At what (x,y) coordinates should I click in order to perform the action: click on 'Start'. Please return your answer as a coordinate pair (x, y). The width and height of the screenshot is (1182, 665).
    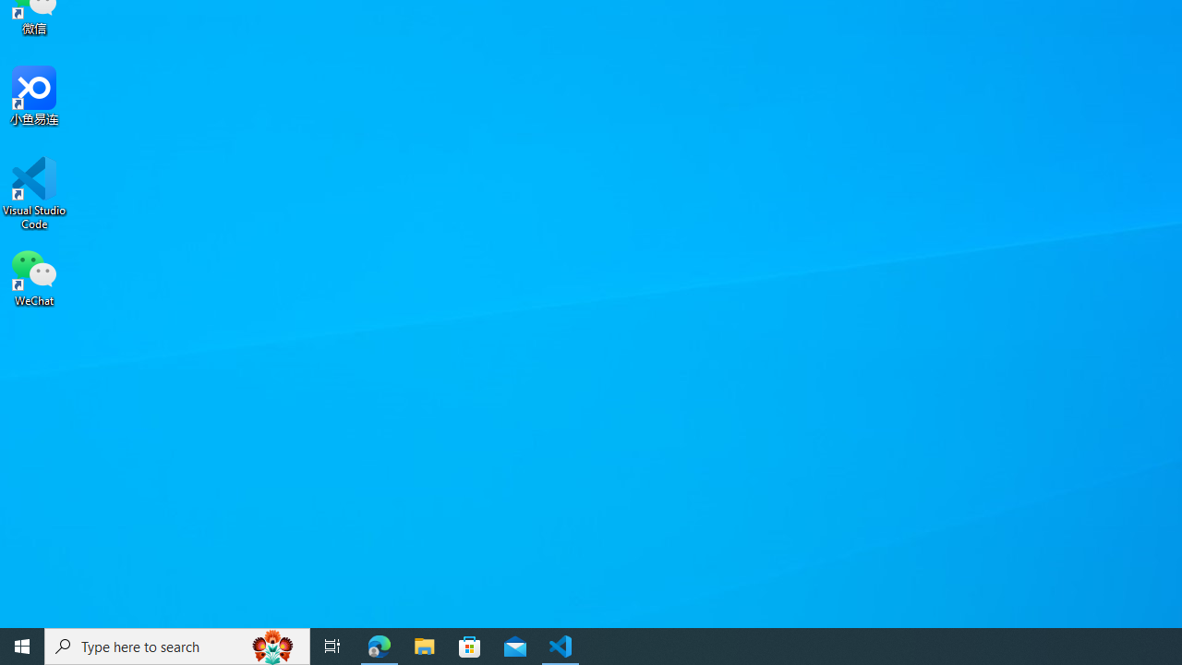
    Looking at the image, I should click on (22, 645).